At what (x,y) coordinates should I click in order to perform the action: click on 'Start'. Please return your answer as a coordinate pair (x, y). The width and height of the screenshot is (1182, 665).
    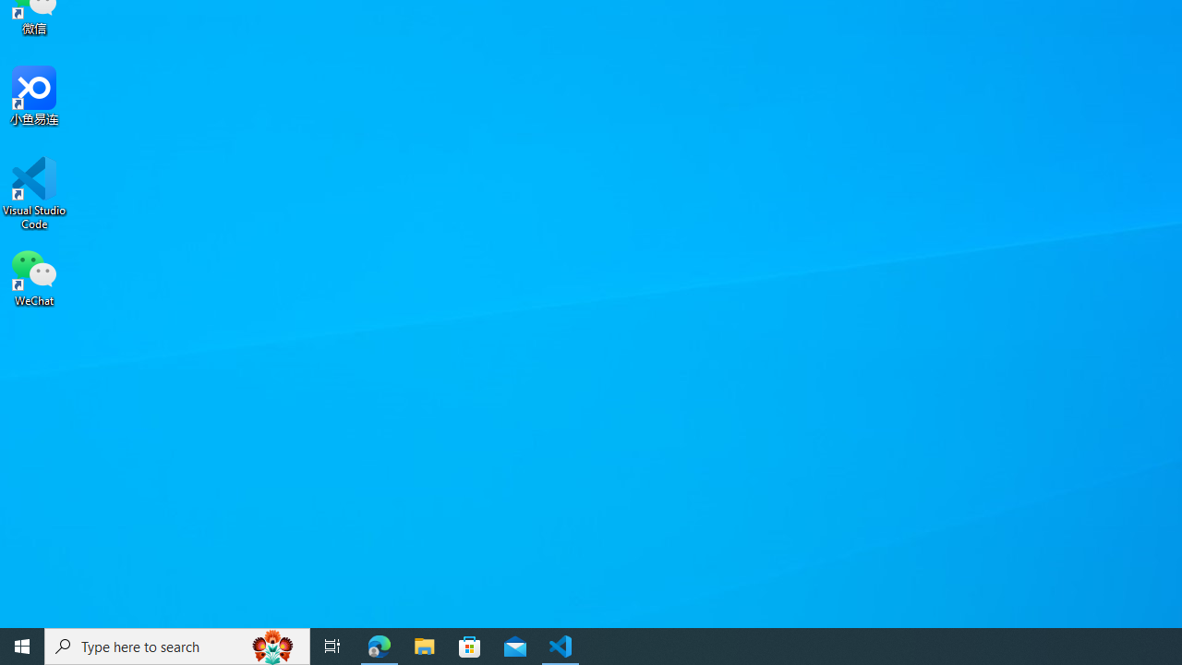
    Looking at the image, I should click on (22, 645).